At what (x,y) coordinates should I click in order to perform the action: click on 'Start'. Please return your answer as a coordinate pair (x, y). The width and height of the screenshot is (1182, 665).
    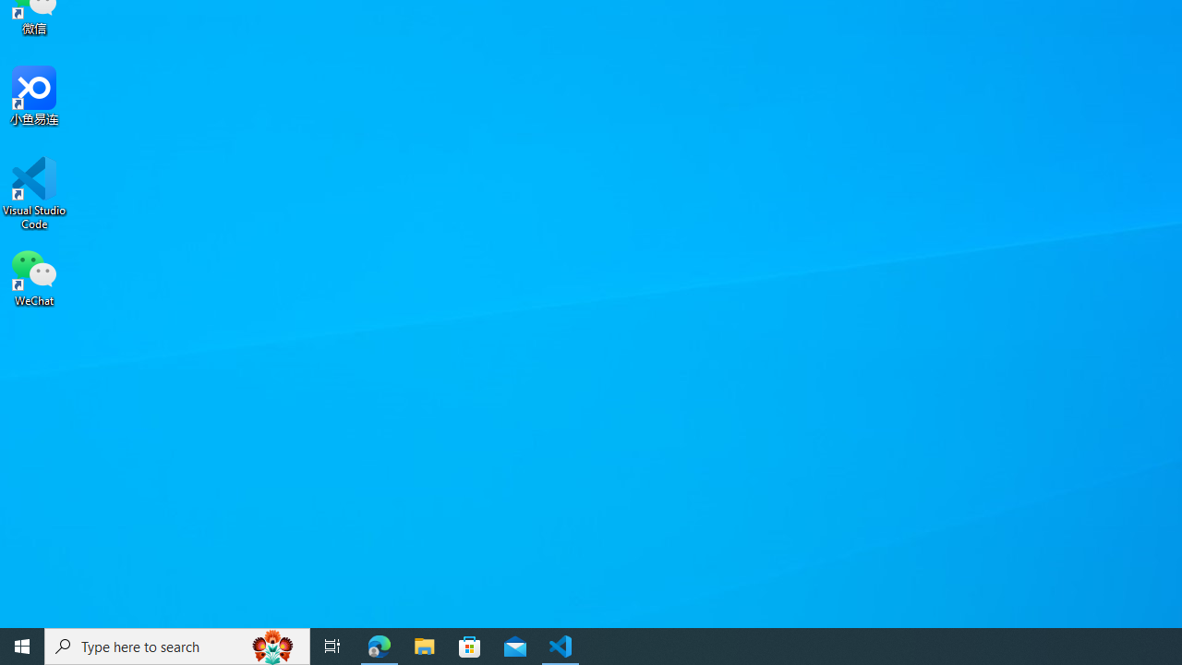
    Looking at the image, I should click on (22, 645).